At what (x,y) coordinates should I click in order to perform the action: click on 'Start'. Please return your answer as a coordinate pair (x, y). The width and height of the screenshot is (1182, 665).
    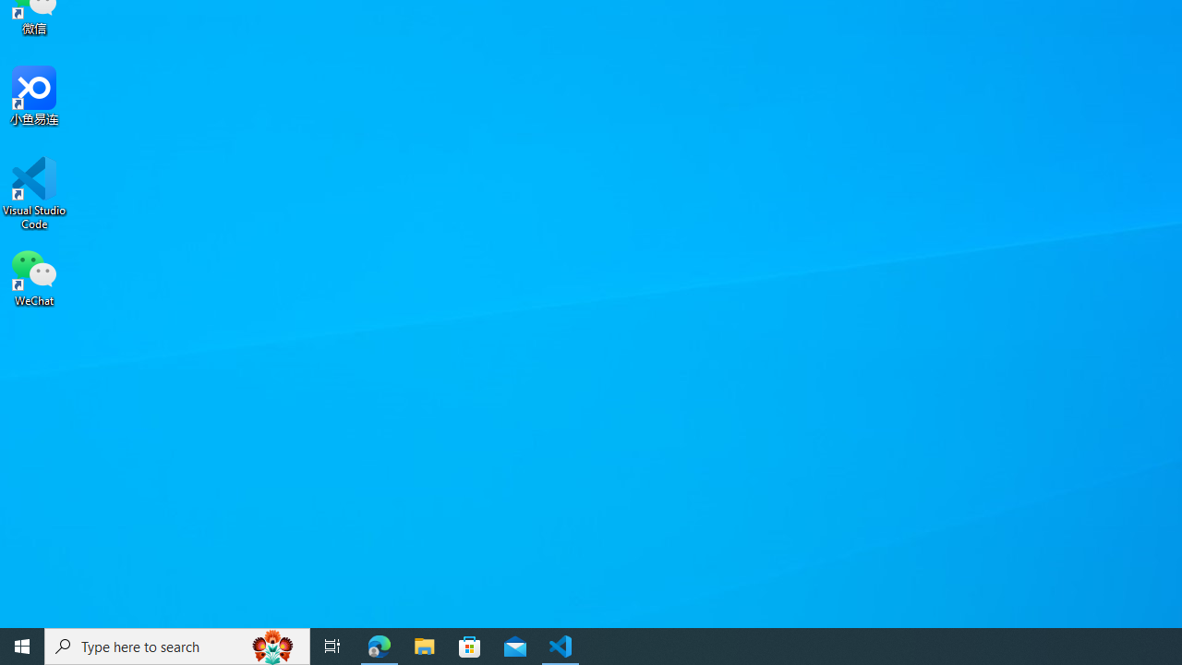
    Looking at the image, I should click on (22, 645).